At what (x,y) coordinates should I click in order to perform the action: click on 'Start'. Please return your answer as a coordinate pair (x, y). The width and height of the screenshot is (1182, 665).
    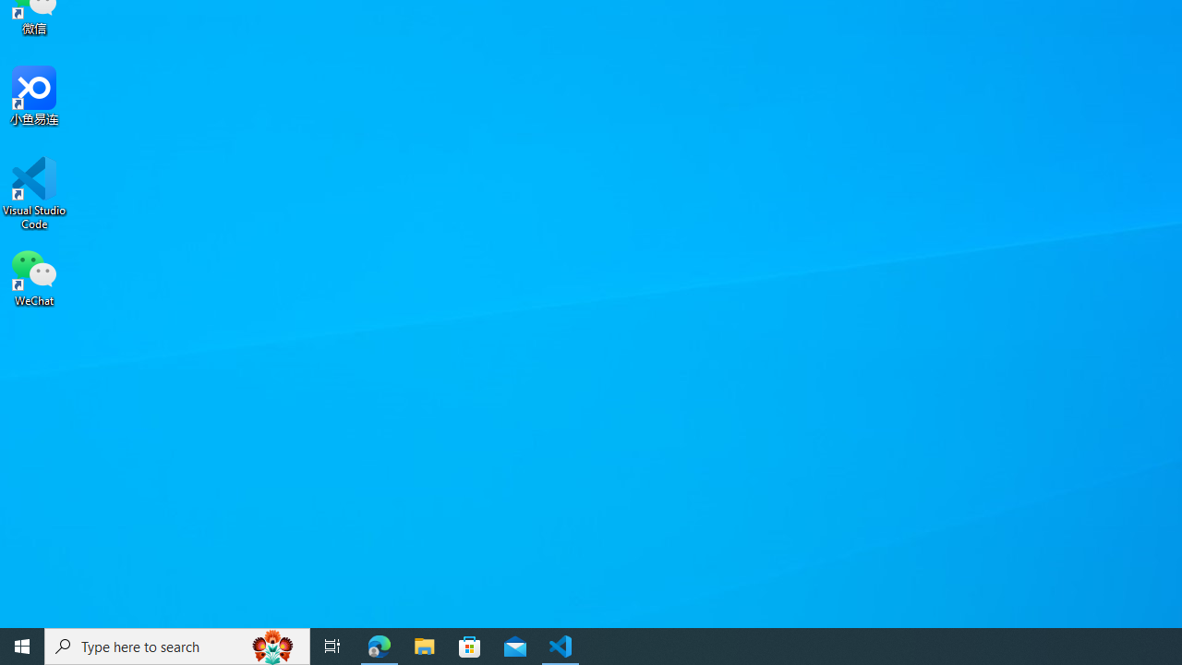
    Looking at the image, I should click on (22, 645).